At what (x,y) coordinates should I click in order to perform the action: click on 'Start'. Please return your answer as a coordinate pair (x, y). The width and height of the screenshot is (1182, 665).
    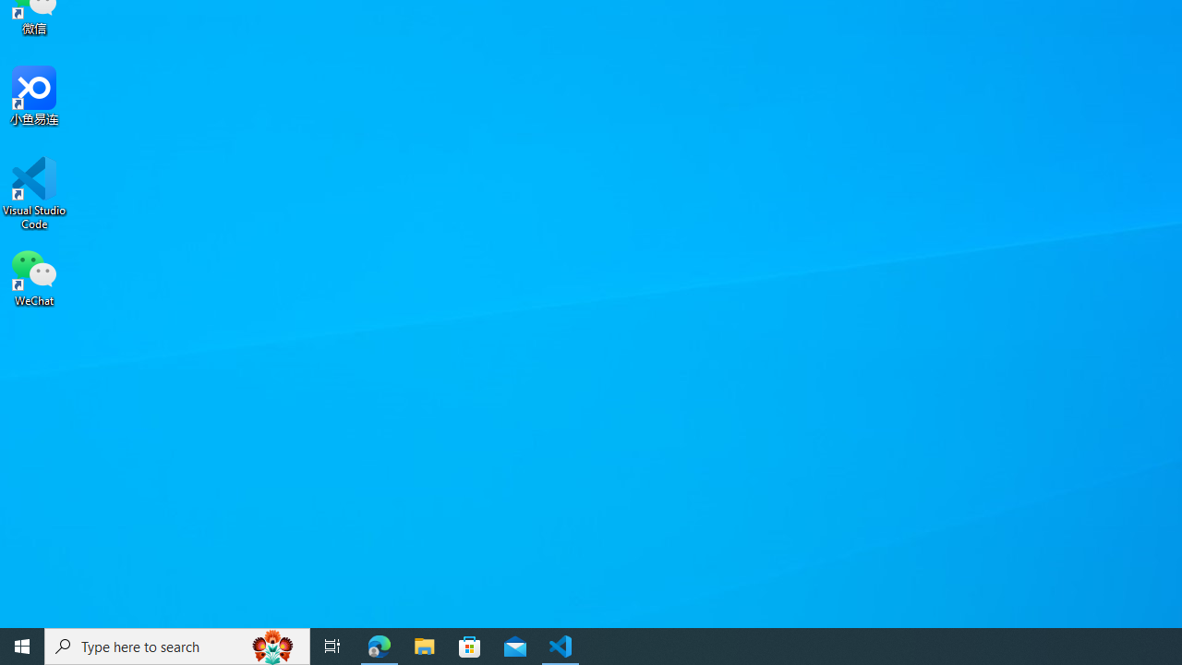
    Looking at the image, I should click on (22, 645).